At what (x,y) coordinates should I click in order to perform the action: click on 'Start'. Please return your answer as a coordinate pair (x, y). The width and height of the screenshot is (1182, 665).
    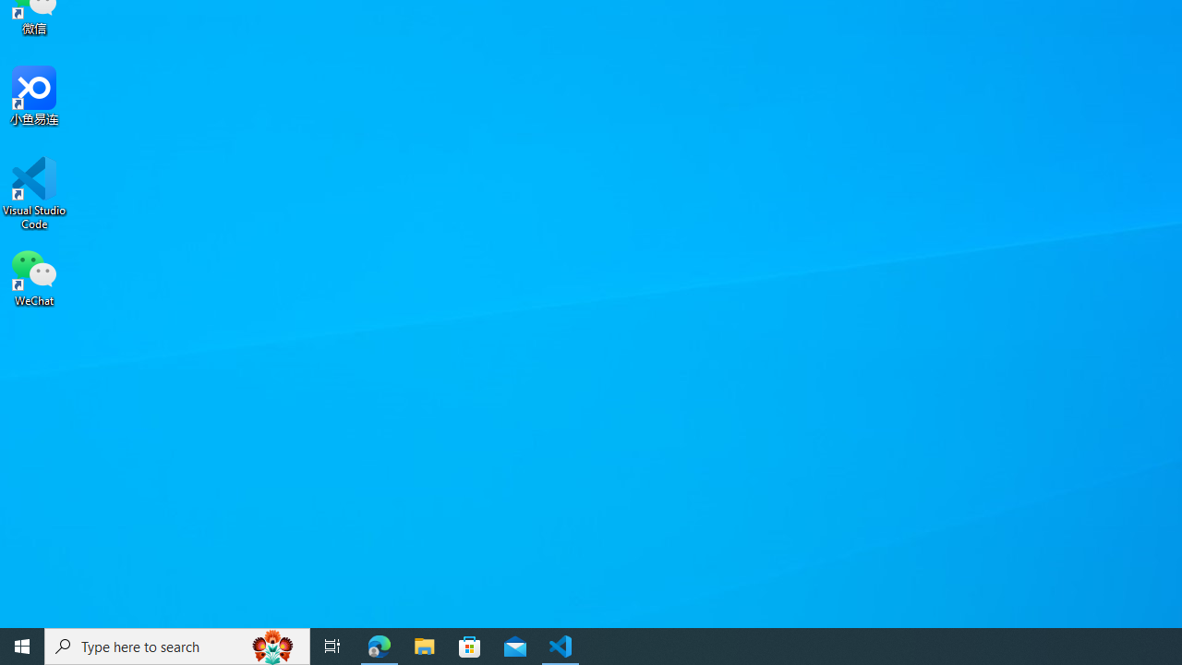
    Looking at the image, I should click on (22, 645).